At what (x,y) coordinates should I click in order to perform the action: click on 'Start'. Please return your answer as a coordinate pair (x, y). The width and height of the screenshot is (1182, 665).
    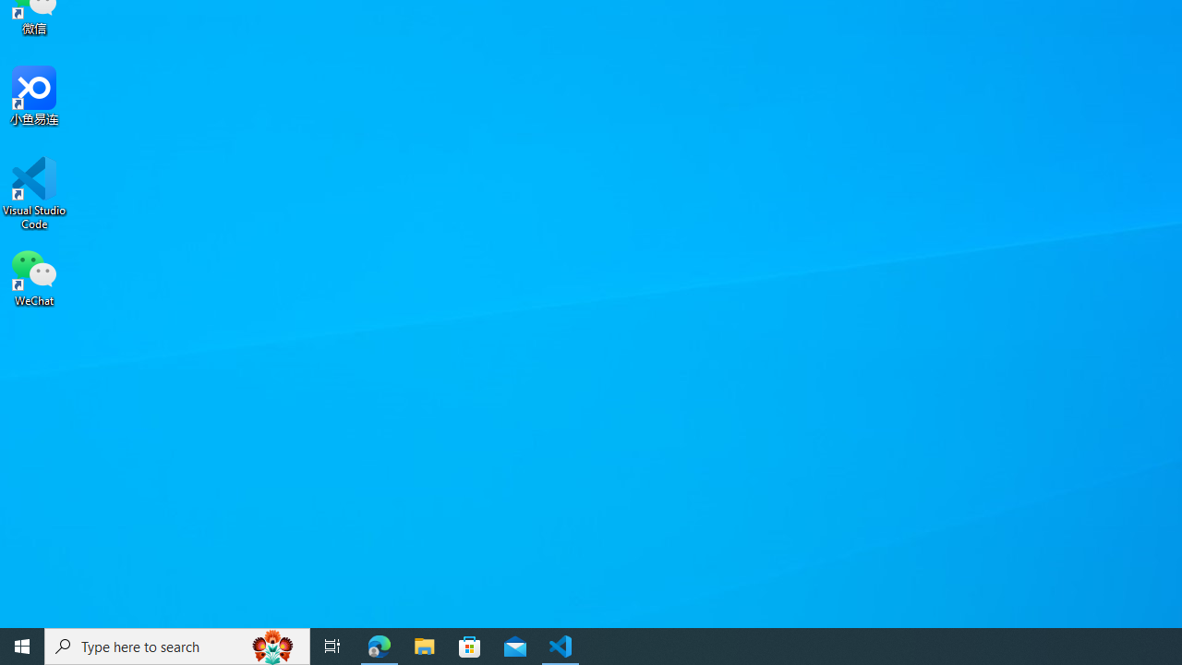
    Looking at the image, I should click on (22, 645).